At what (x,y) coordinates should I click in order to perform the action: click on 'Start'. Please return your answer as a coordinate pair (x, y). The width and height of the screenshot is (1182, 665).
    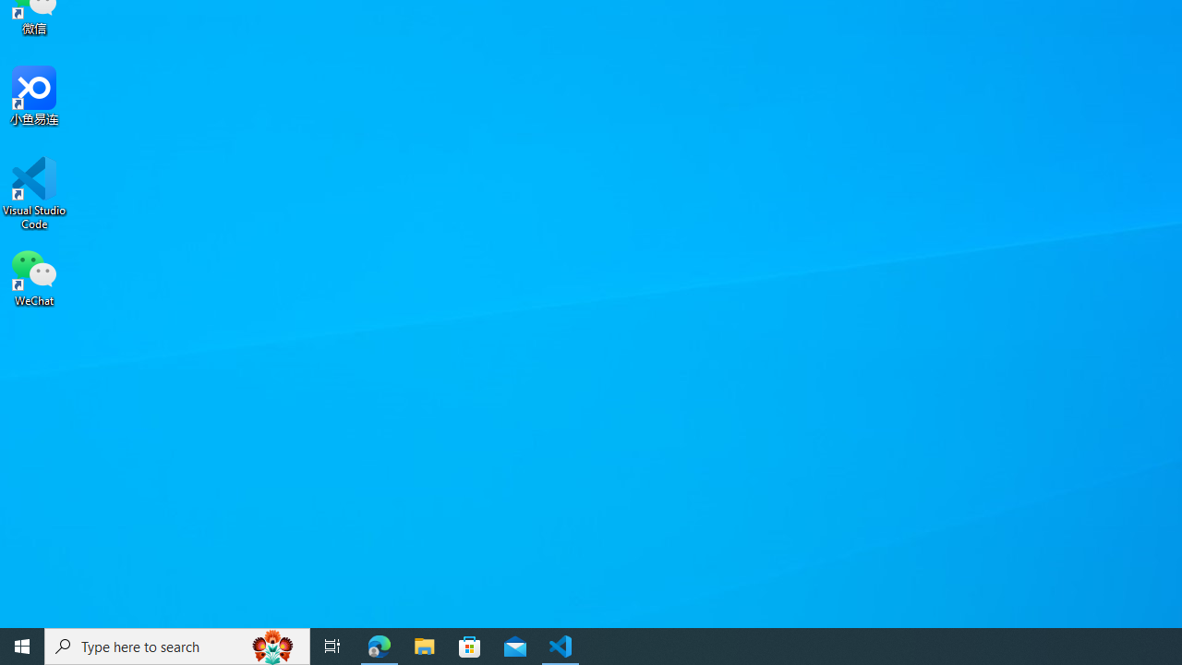
    Looking at the image, I should click on (22, 645).